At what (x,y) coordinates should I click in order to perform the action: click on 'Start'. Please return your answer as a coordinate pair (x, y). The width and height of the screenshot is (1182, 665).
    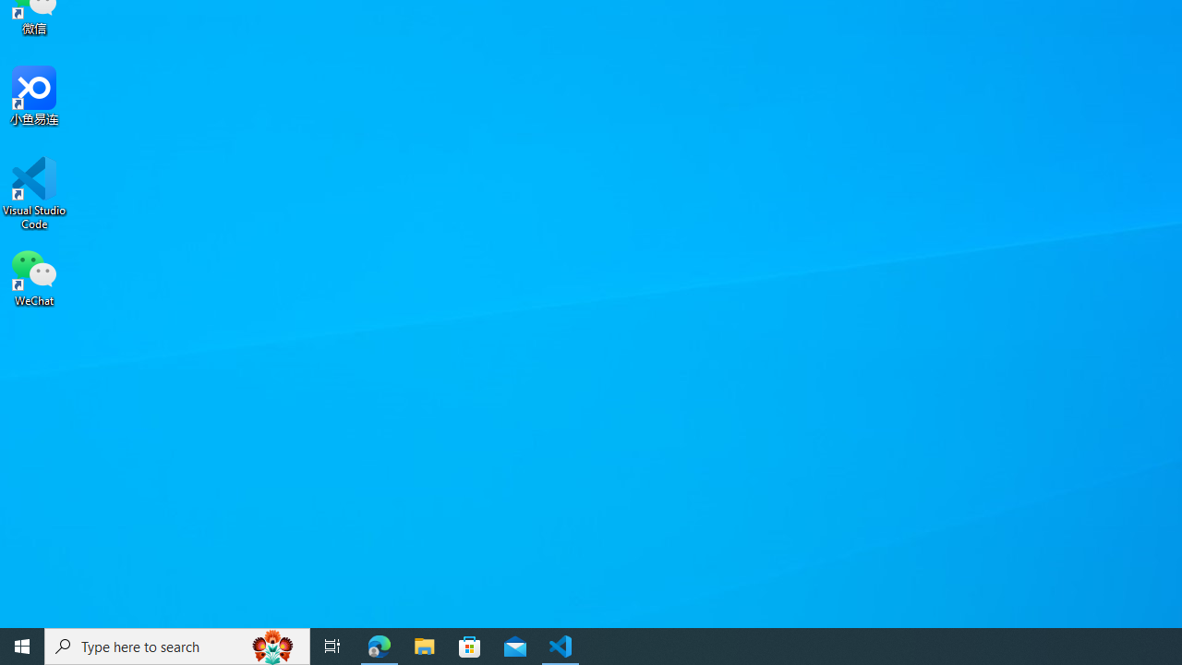
    Looking at the image, I should click on (22, 645).